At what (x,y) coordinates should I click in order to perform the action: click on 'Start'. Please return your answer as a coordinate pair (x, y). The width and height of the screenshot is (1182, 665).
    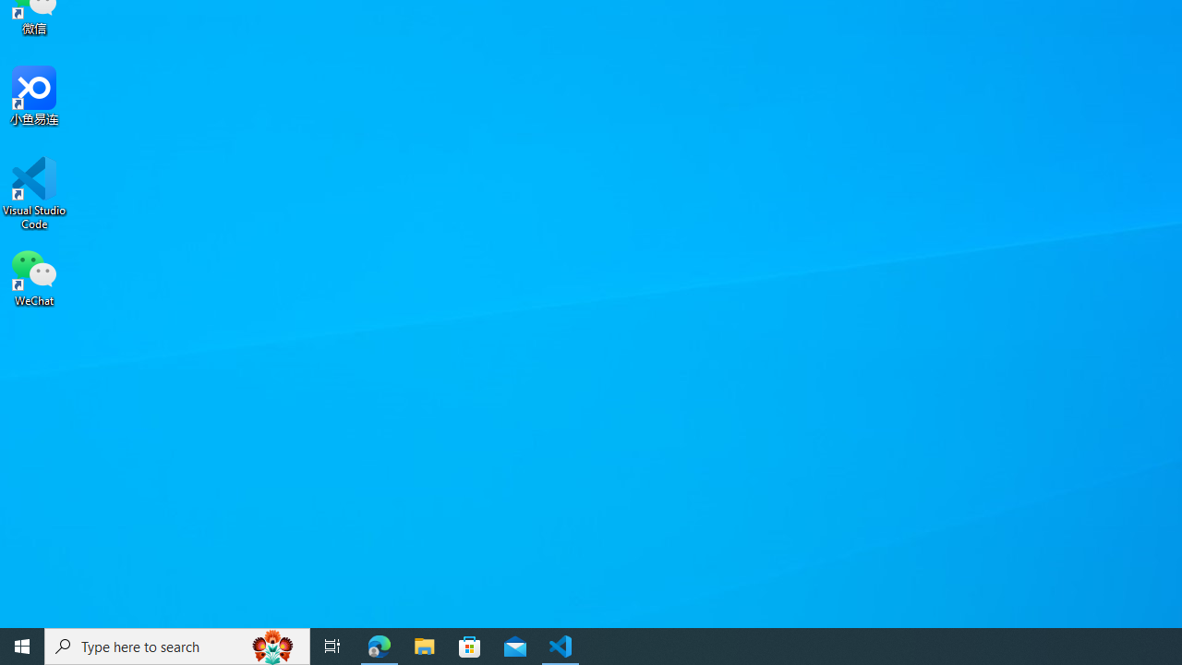
    Looking at the image, I should click on (22, 645).